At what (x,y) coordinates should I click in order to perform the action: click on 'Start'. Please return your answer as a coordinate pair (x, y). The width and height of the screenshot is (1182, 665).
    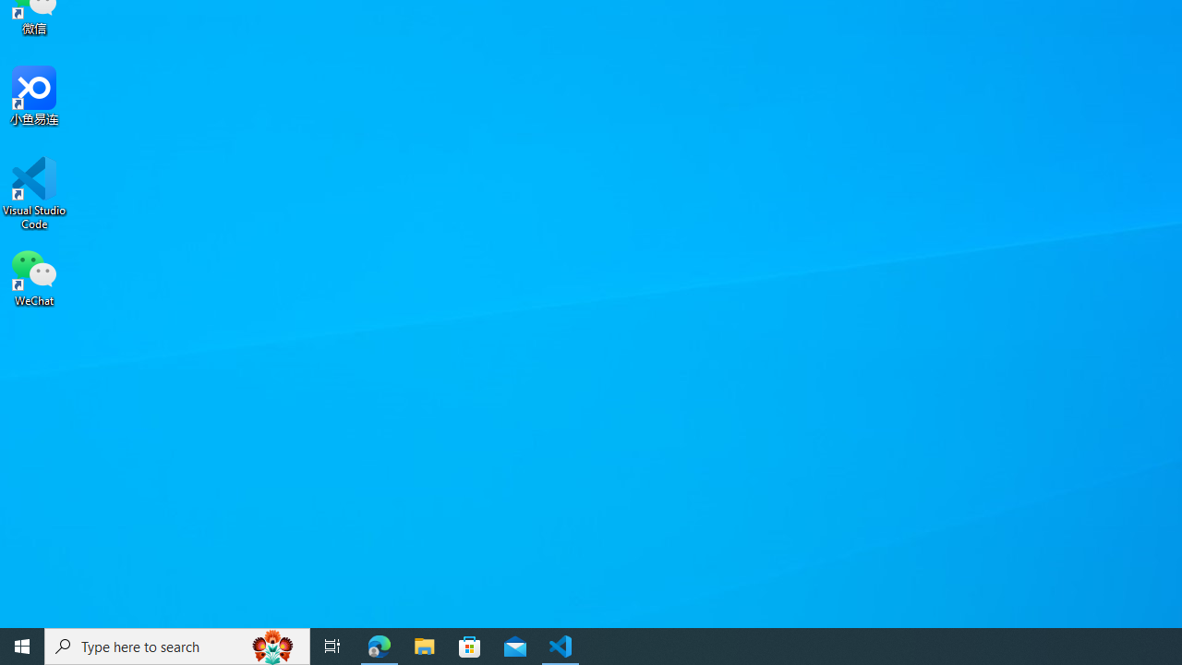
    Looking at the image, I should click on (22, 645).